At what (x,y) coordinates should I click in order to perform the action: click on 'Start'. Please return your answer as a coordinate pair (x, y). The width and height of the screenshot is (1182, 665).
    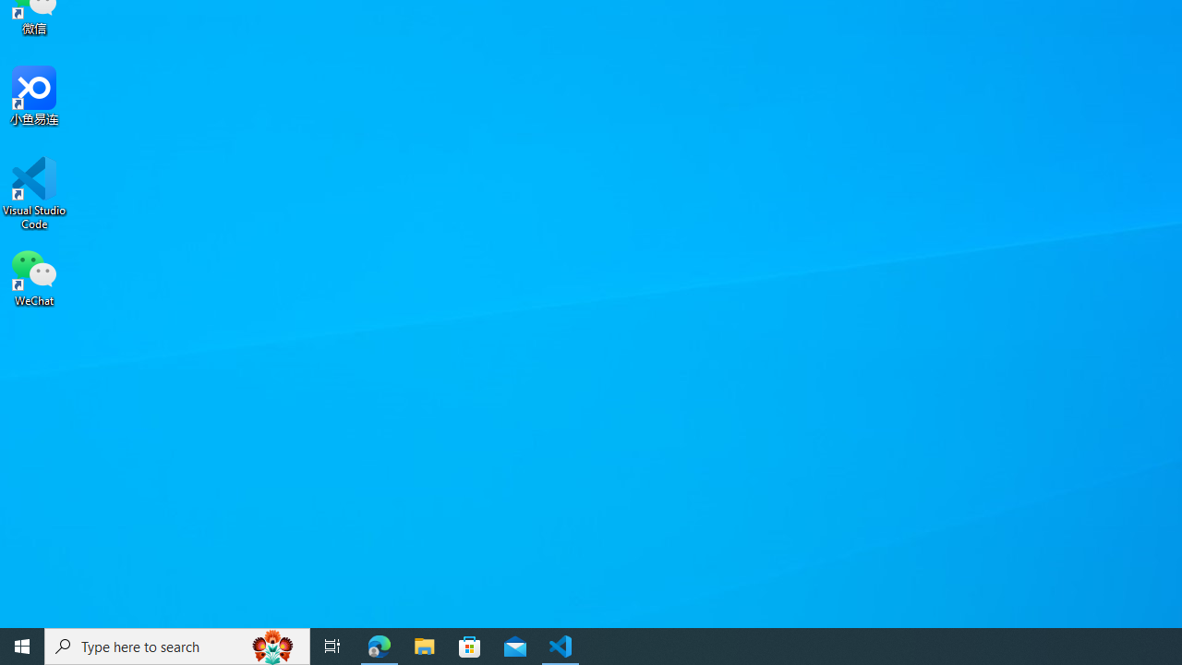
    Looking at the image, I should click on (22, 645).